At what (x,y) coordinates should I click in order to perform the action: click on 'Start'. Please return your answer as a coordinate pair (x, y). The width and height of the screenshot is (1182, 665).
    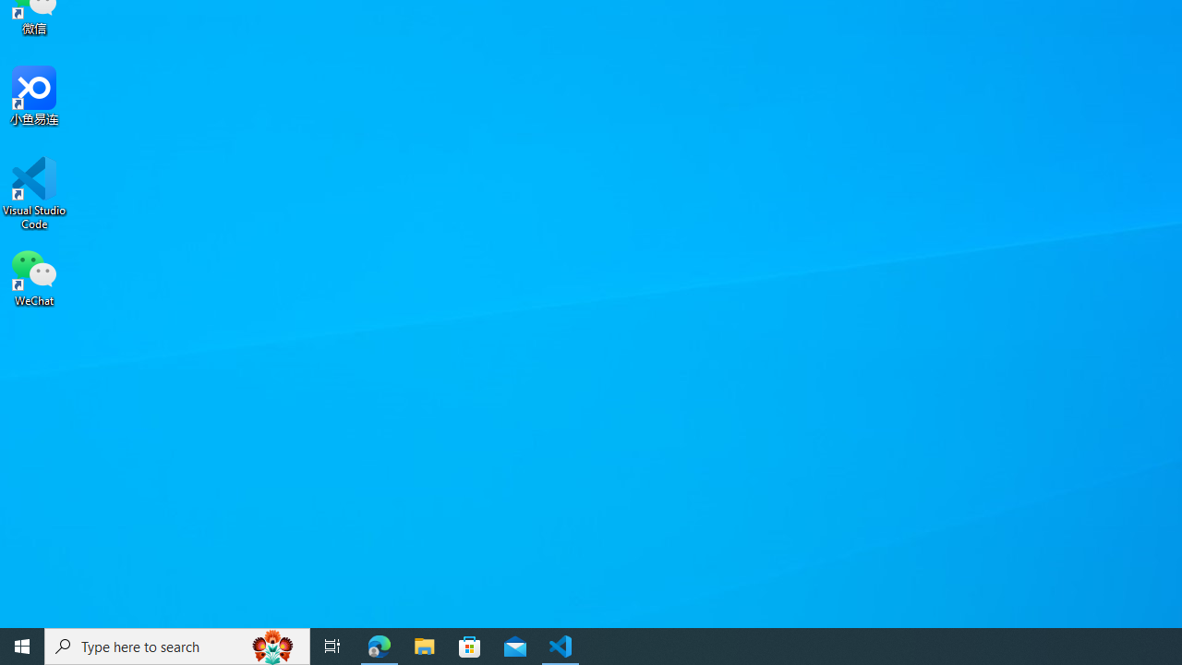
    Looking at the image, I should click on (22, 645).